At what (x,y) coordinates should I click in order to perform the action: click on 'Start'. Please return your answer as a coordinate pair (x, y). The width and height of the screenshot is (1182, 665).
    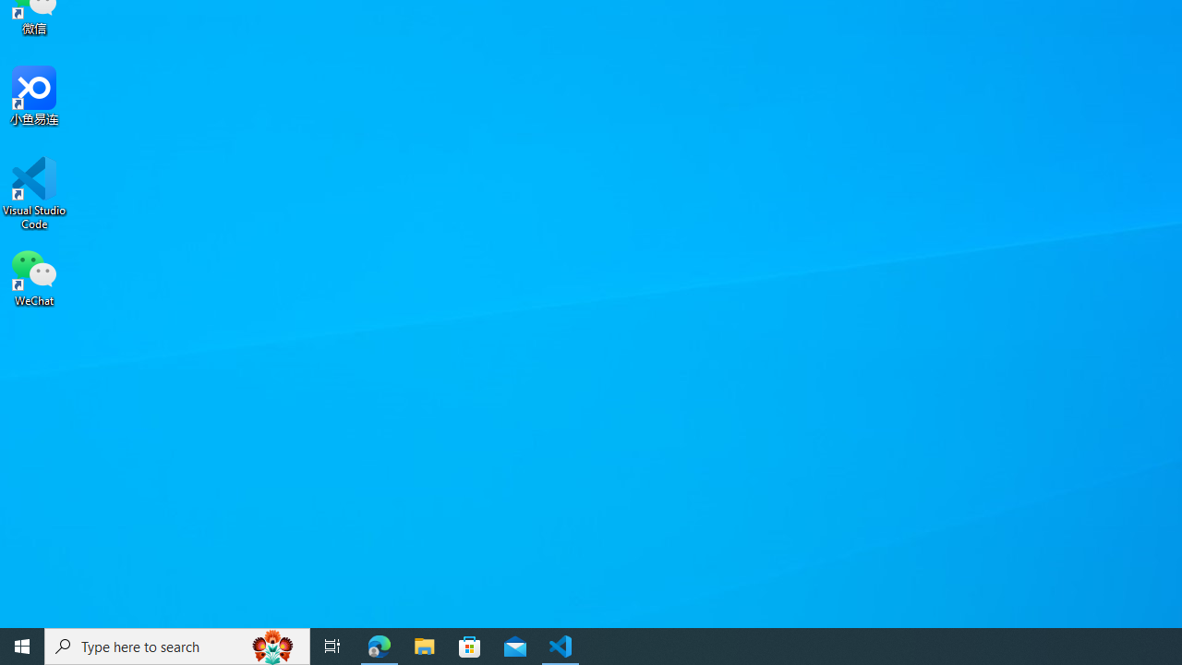
    Looking at the image, I should click on (22, 645).